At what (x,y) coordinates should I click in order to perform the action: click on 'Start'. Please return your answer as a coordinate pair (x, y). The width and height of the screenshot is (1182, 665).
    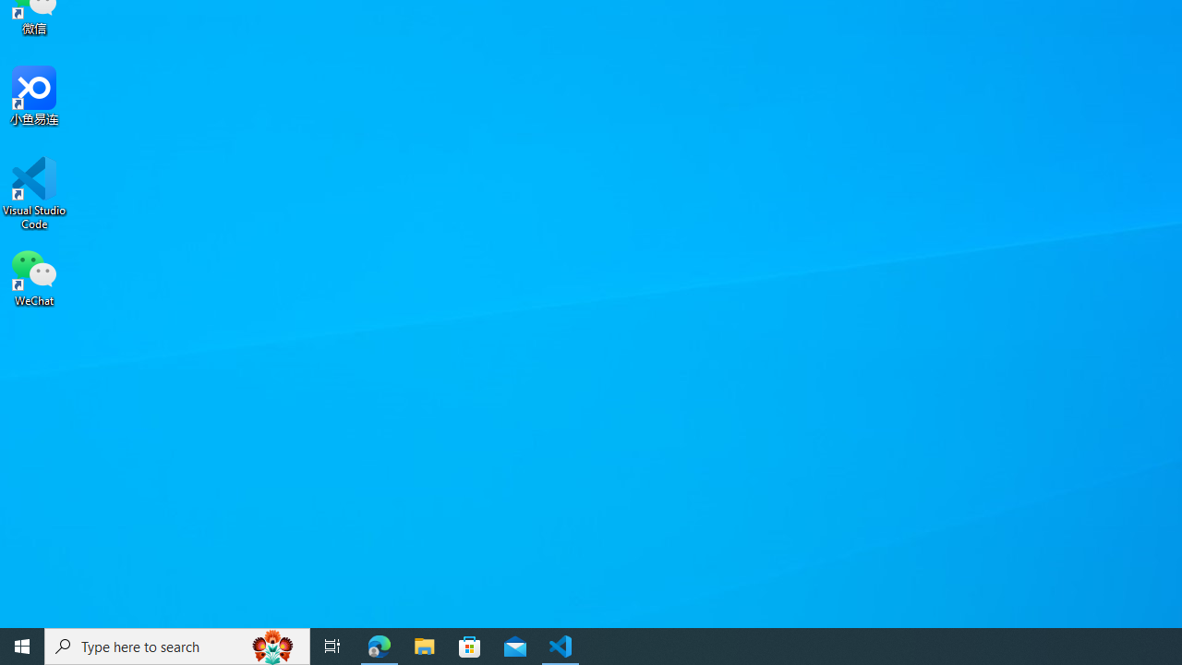
    Looking at the image, I should click on (22, 645).